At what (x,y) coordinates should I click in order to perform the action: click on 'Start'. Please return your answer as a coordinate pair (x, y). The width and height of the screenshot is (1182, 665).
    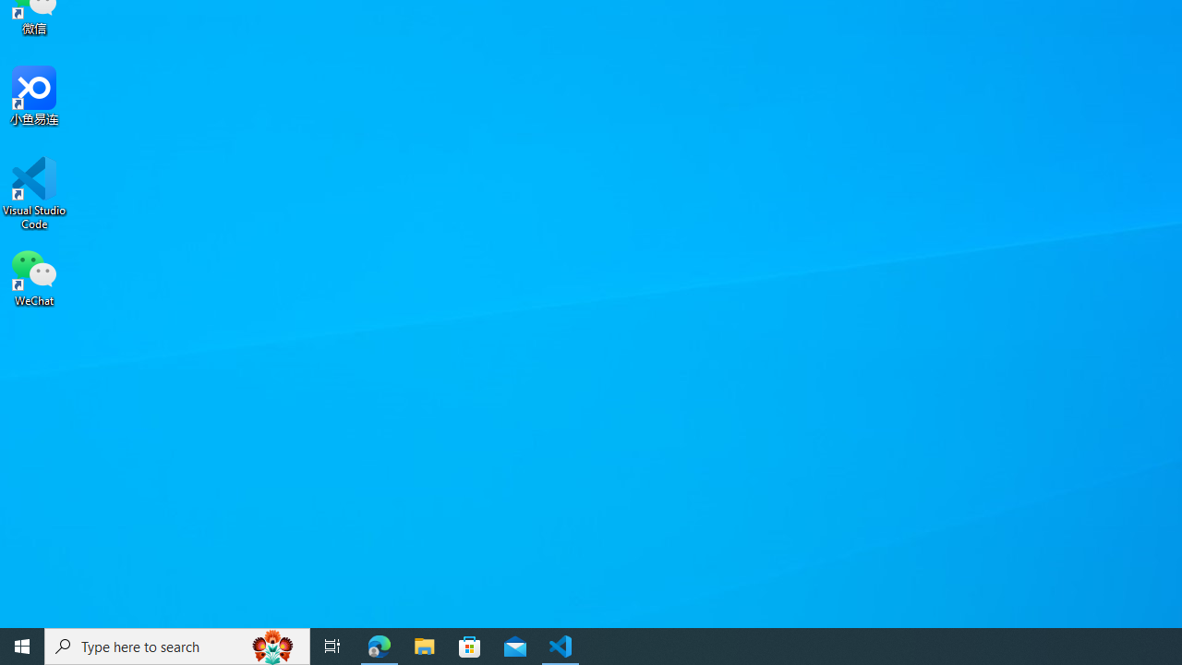
    Looking at the image, I should click on (22, 645).